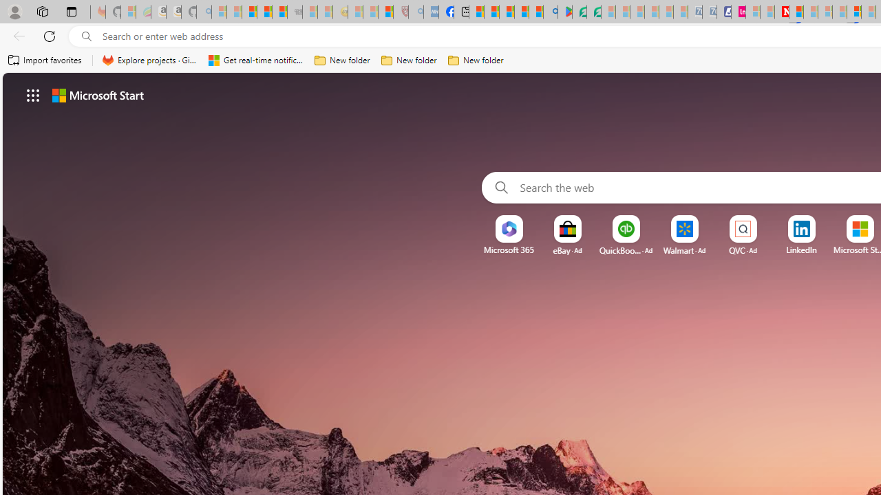 This screenshot has height=495, width=881. What do you see at coordinates (593, 12) in the screenshot?
I see `'Microsoft Word - consumer-privacy address update 2.2021'` at bounding box center [593, 12].